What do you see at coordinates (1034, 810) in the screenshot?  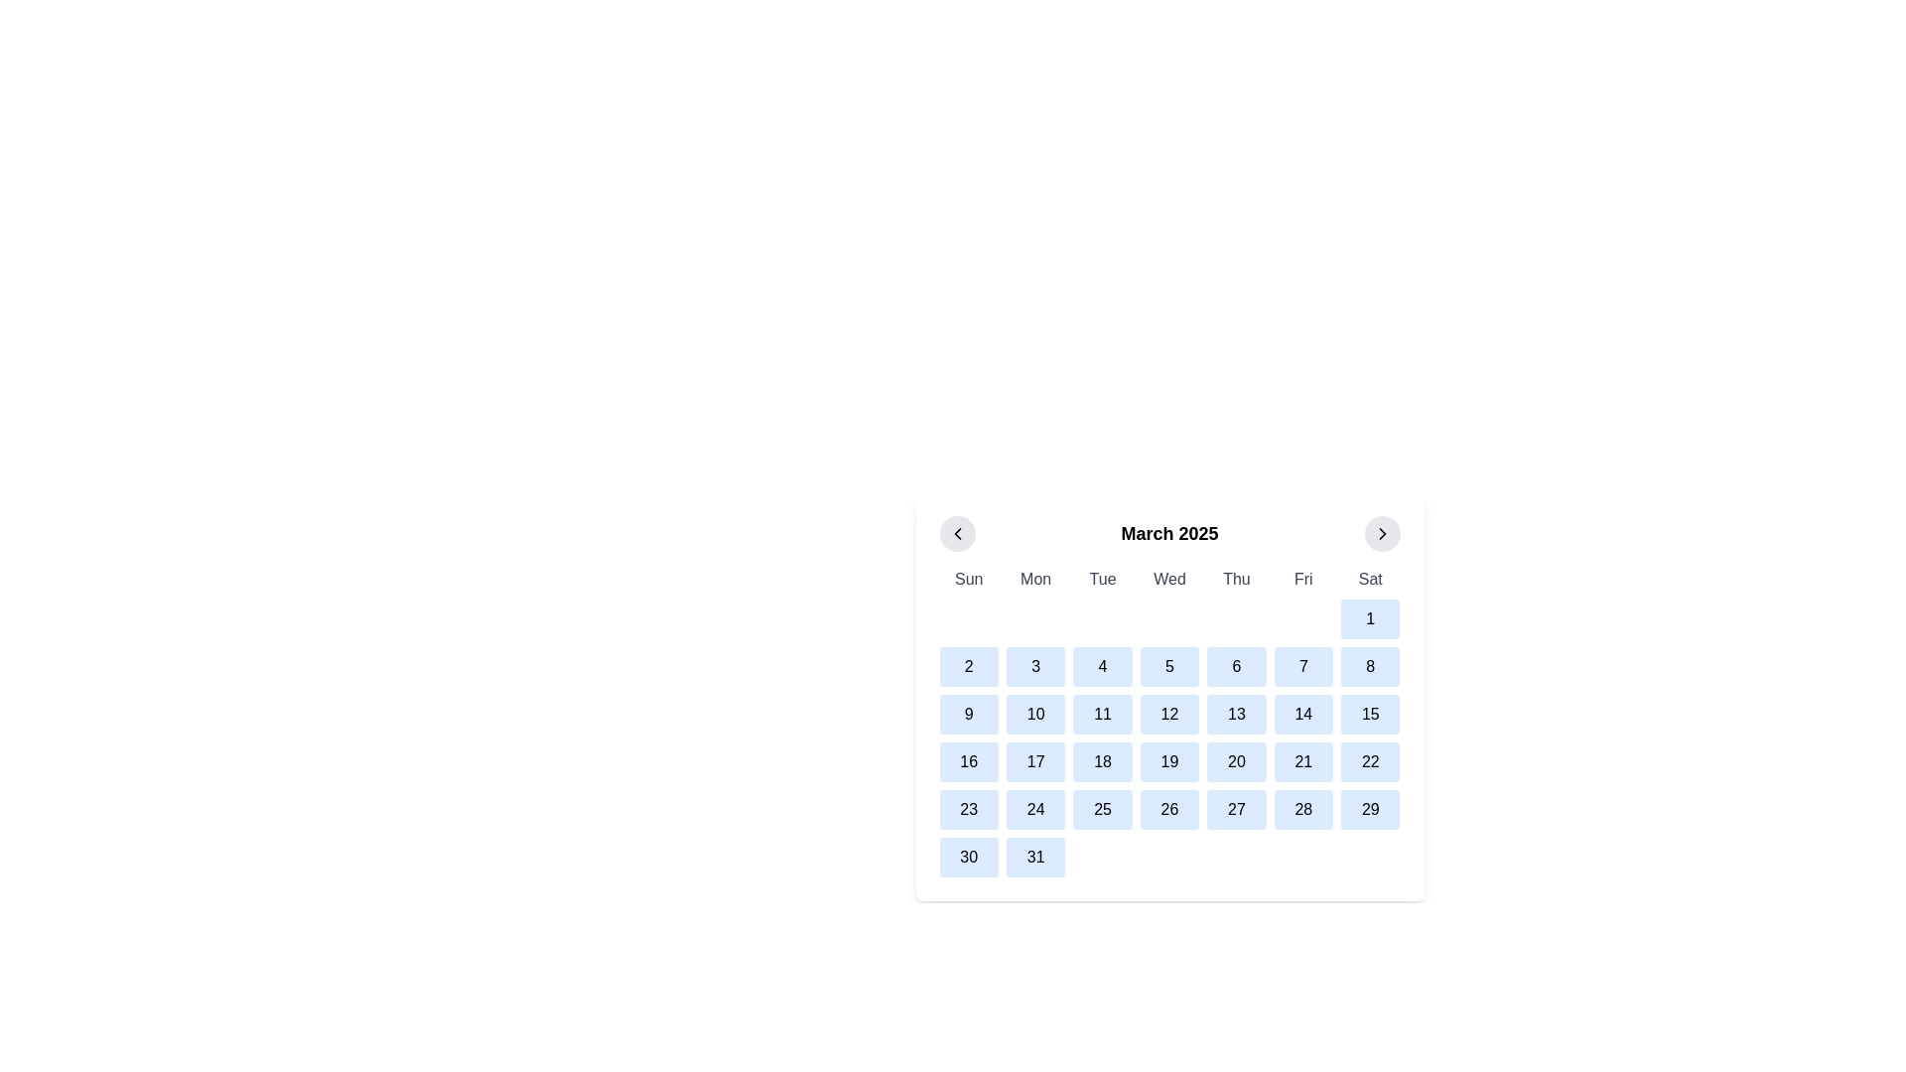 I see `the selectable date button for the 24th day in the calendar widget located under the 'Sun' column to change its background color` at bounding box center [1034, 810].